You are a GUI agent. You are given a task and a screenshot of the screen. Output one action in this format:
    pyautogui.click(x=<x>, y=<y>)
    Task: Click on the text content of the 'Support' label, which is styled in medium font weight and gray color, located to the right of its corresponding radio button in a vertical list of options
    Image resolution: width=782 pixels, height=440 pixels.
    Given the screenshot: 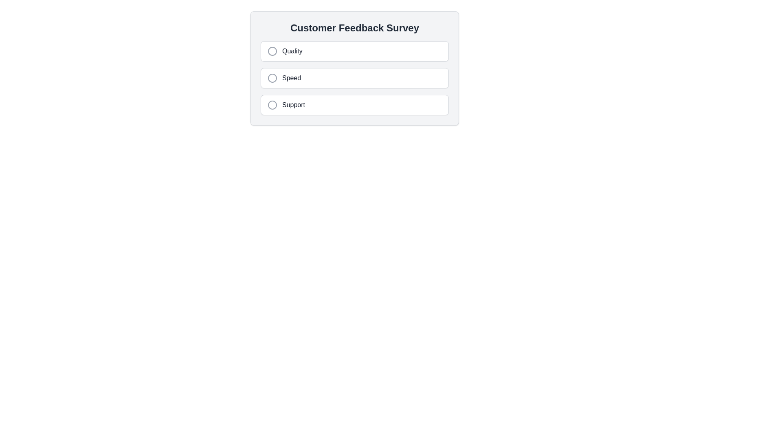 What is the action you would take?
    pyautogui.click(x=293, y=105)
    